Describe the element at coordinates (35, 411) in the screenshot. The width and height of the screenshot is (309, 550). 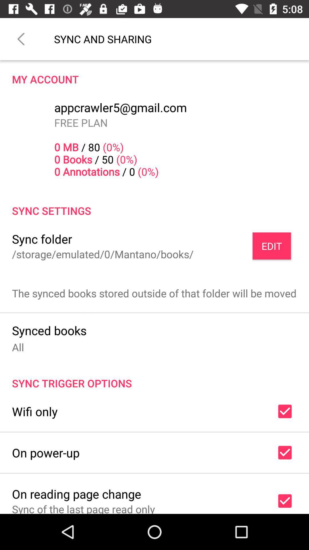
I see `the wifi only icon` at that location.